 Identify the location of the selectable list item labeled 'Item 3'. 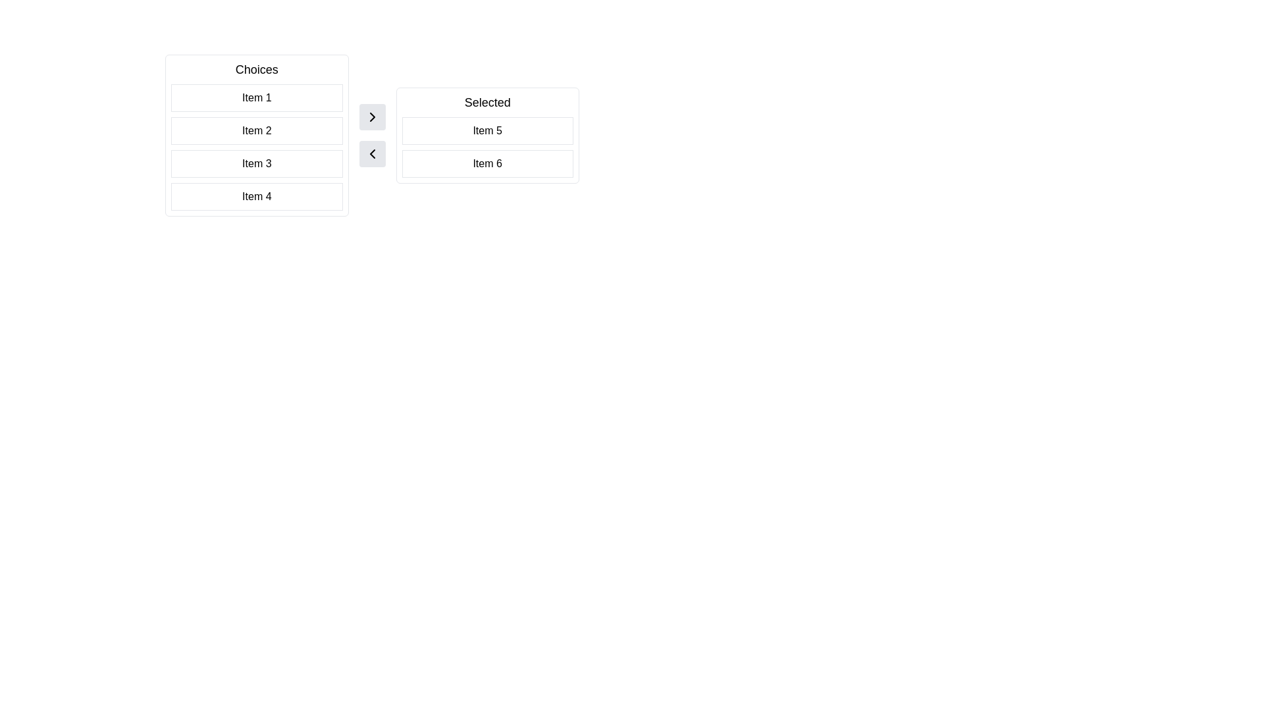
(257, 163).